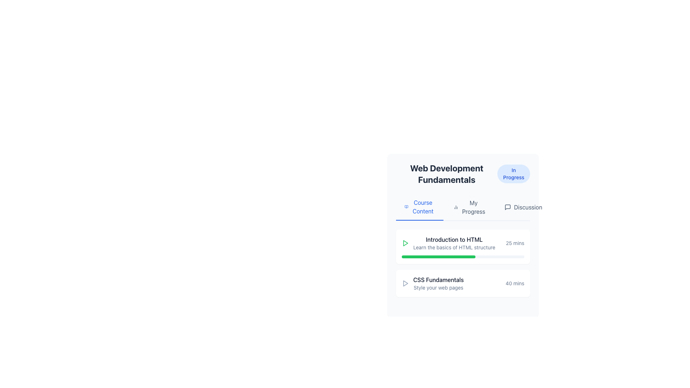 This screenshot has height=388, width=690. I want to click on the text label located in the top-right corner of the containing card, so click(528, 207).